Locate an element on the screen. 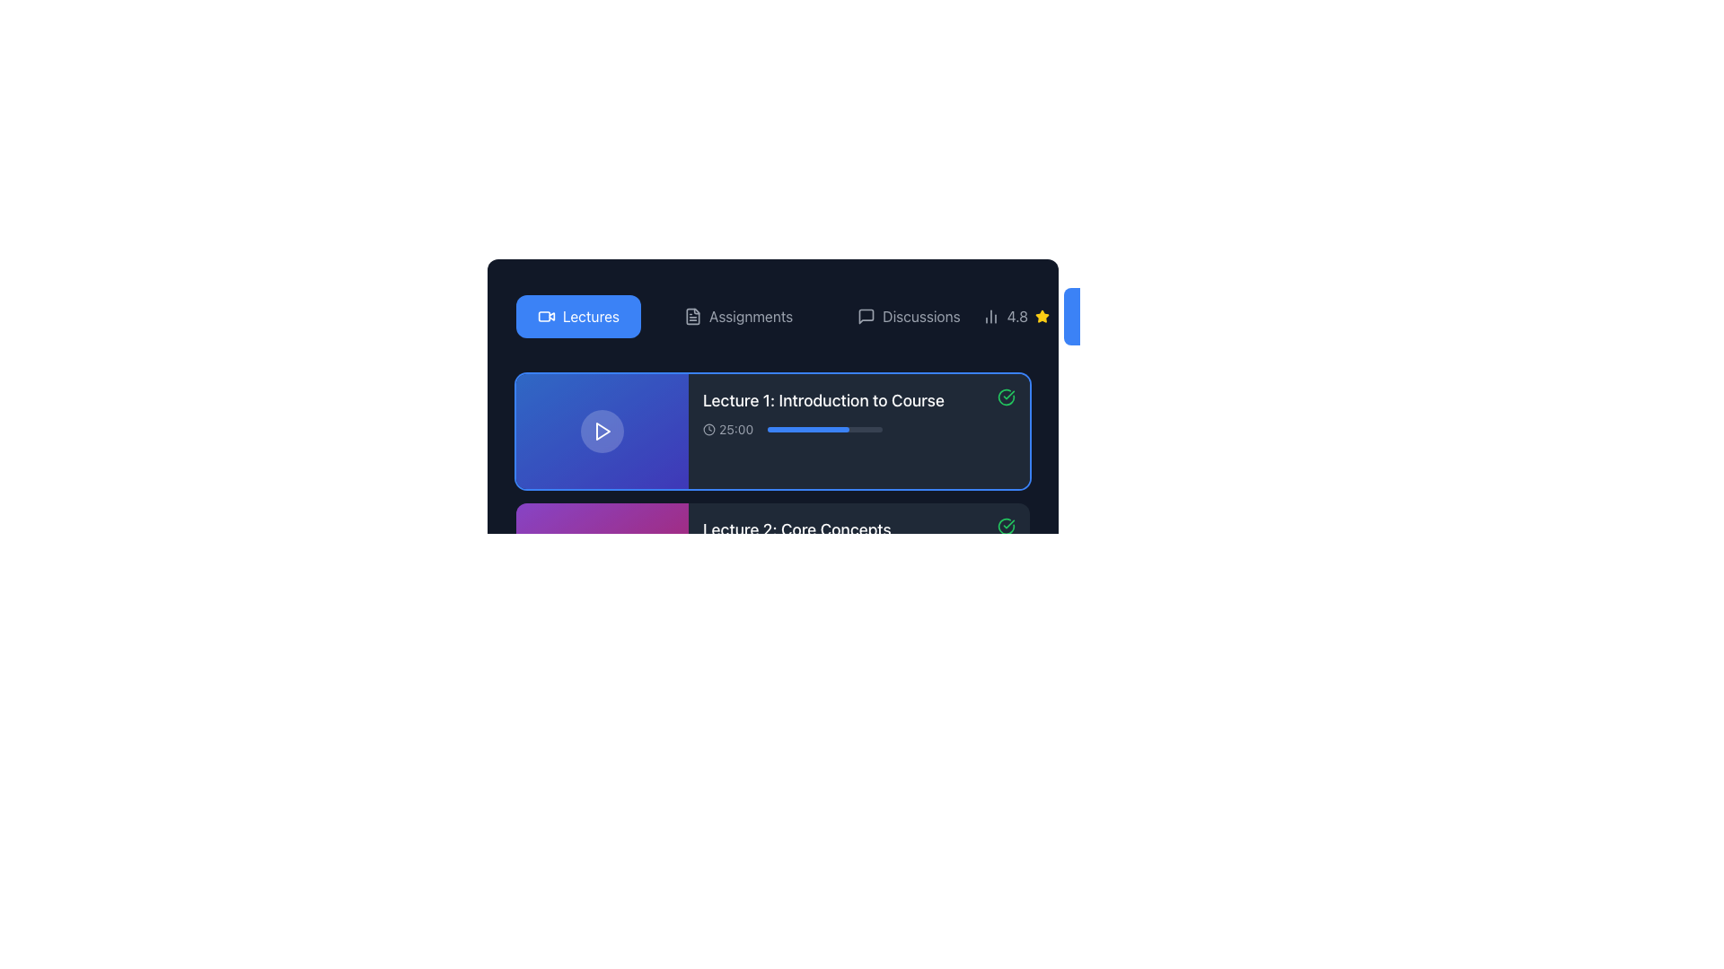 This screenshot has height=969, width=1724. the circular graphical element that is part of the clock-like icon located in the menu bar near the progress bar for the first lecture content is located at coordinates (708, 429).